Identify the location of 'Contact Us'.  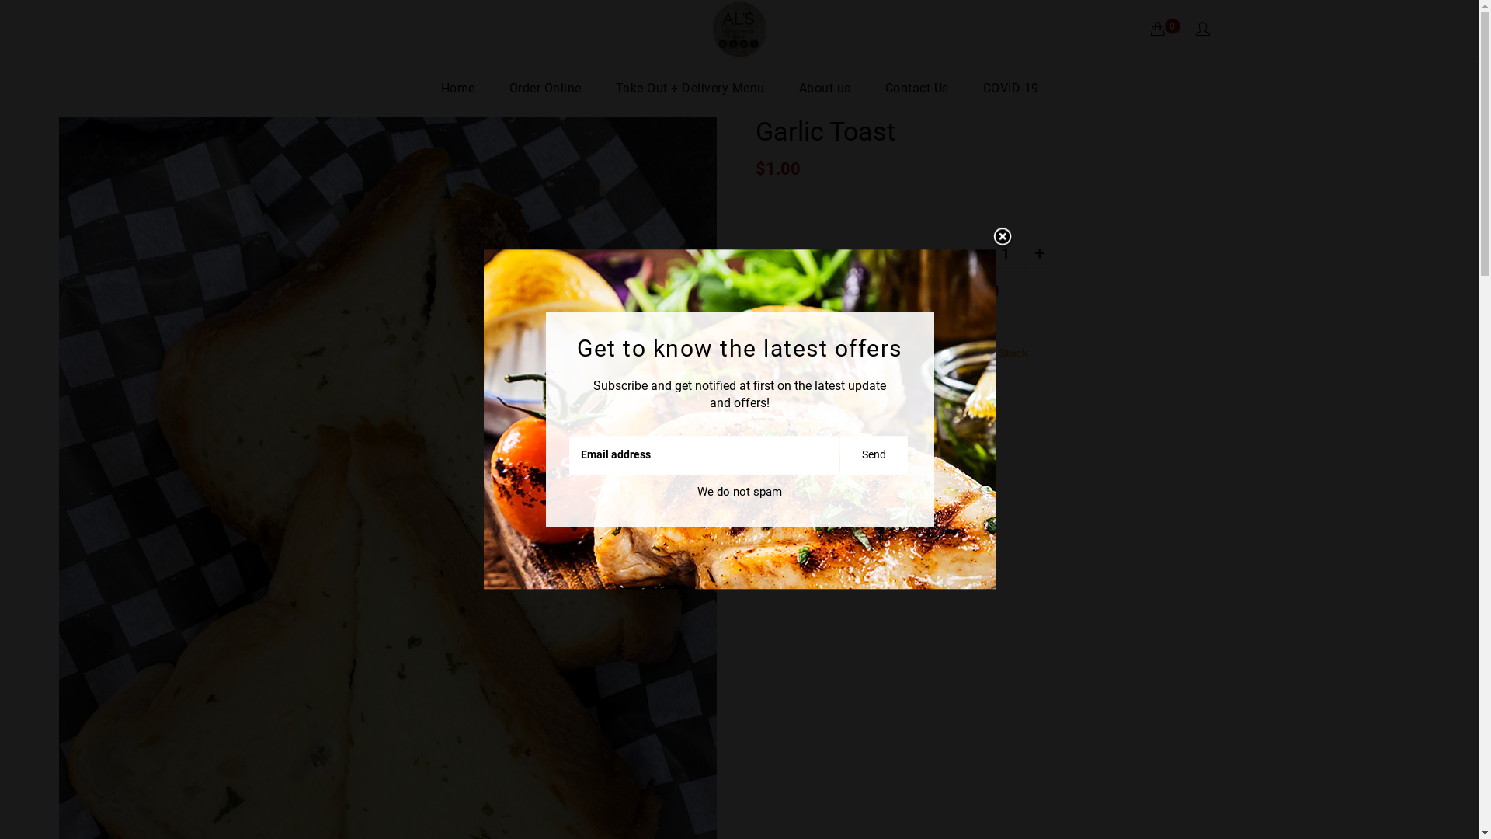
(916, 88).